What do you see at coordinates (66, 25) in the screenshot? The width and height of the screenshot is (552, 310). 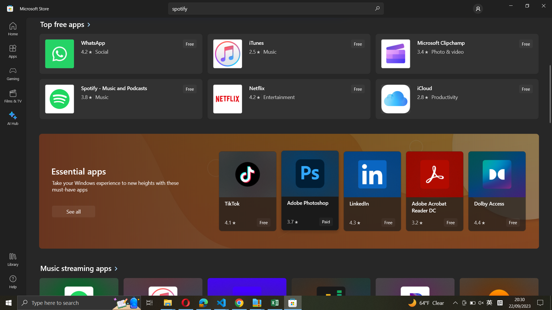 I see `Top Free Applications` at bounding box center [66, 25].